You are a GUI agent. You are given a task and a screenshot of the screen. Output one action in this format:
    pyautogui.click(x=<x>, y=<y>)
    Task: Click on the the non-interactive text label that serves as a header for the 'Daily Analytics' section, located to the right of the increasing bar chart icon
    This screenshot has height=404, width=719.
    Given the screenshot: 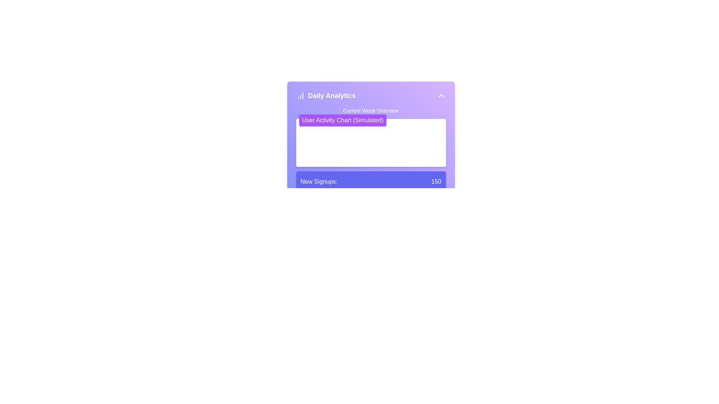 What is the action you would take?
    pyautogui.click(x=331, y=95)
    